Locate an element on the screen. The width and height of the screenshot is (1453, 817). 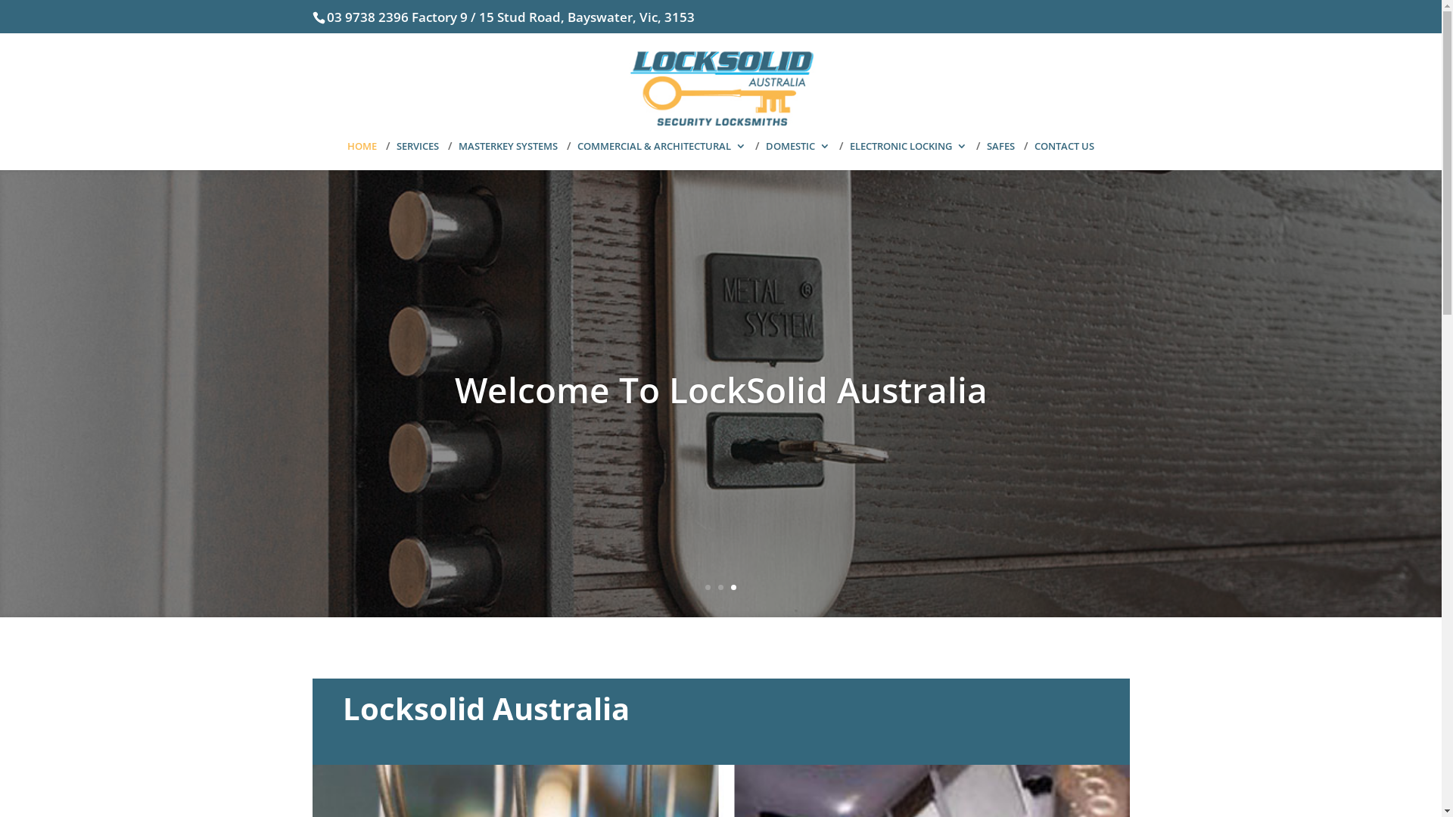
'2' is located at coordinates (720, 586).